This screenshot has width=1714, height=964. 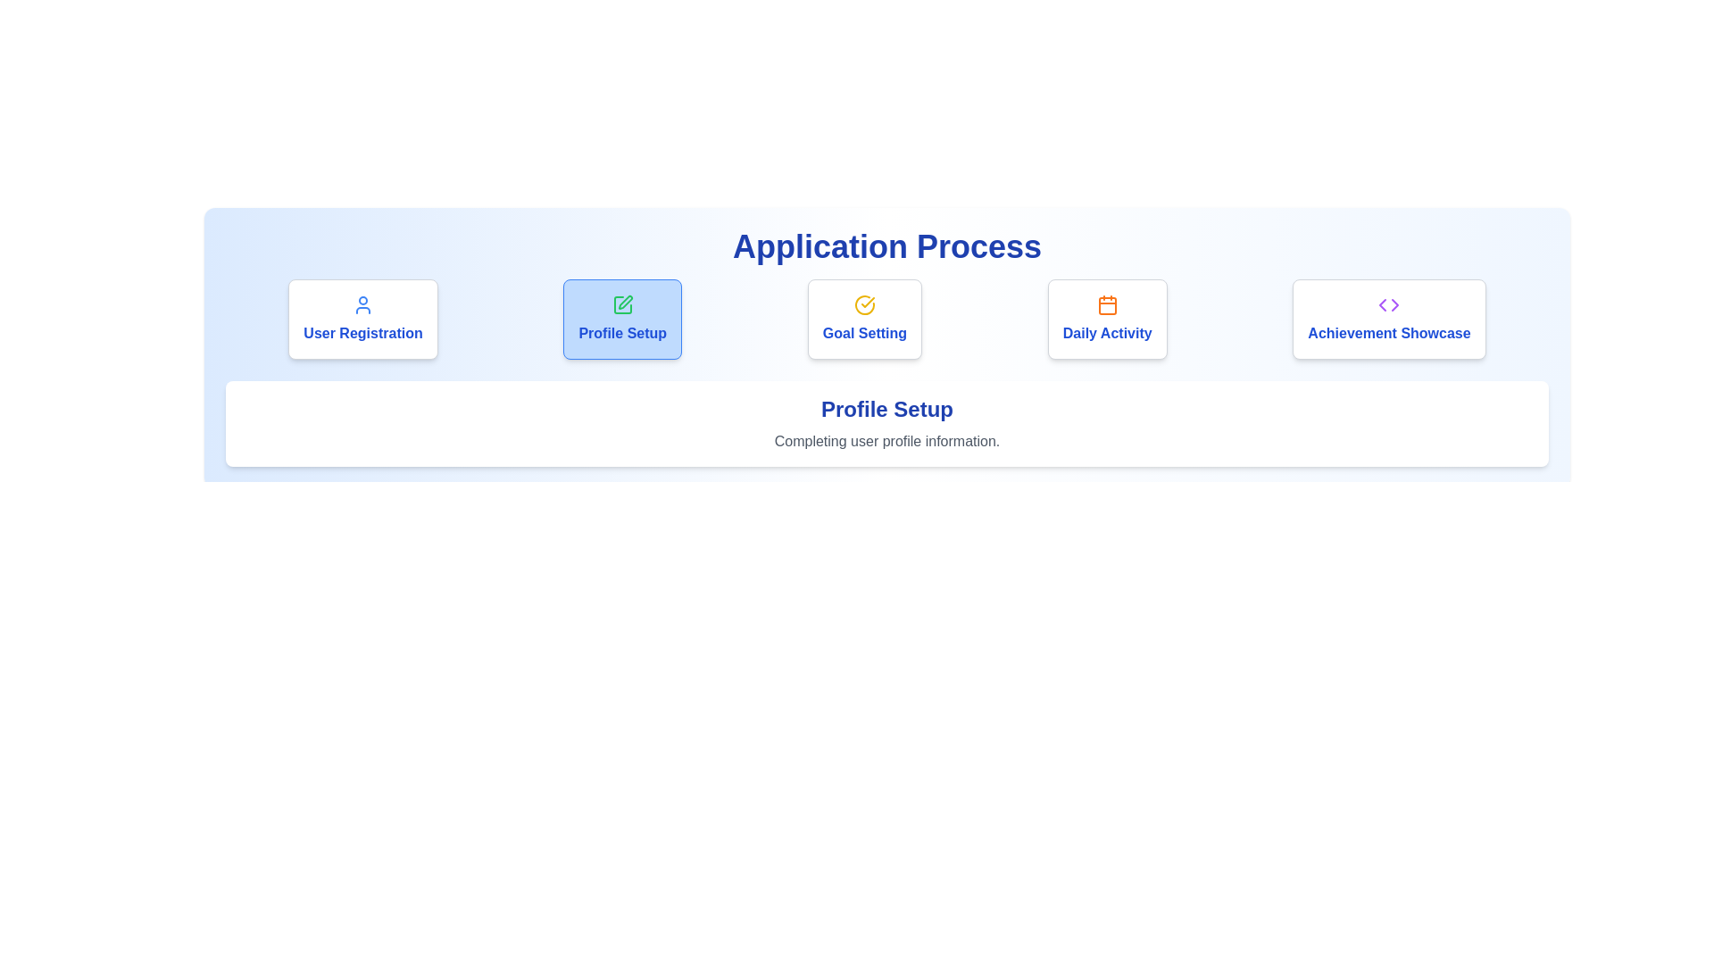 What do you see at coordinates (886, 410) in the screenshot?
I see `the 'Profile Setup' text label which is styled with a large bold font in blue color, located below the 'Application Process' title` at bounding box center [886, 410].